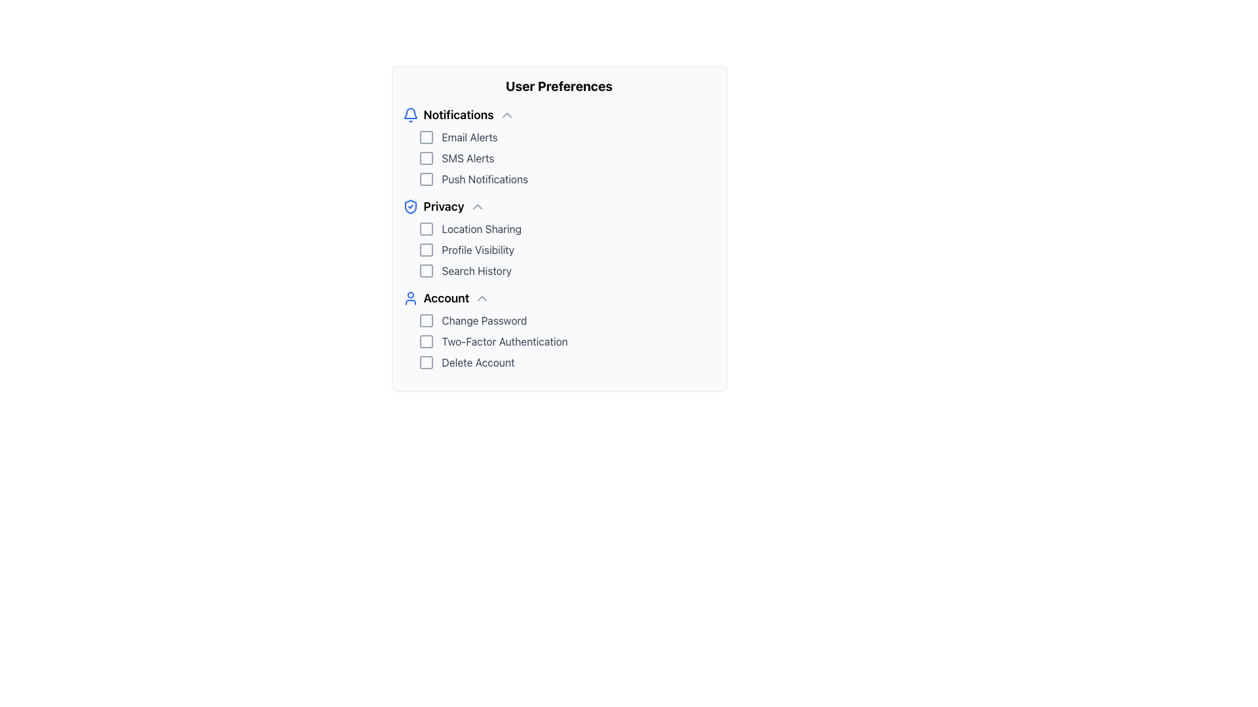 The height and width of the screenshot is (707, 1258). I want to click on the static text label indicating the location sharing option, which is positioned under the 'Privacy' section and aligned to the right of the checkbox icon, so click(481, 228).